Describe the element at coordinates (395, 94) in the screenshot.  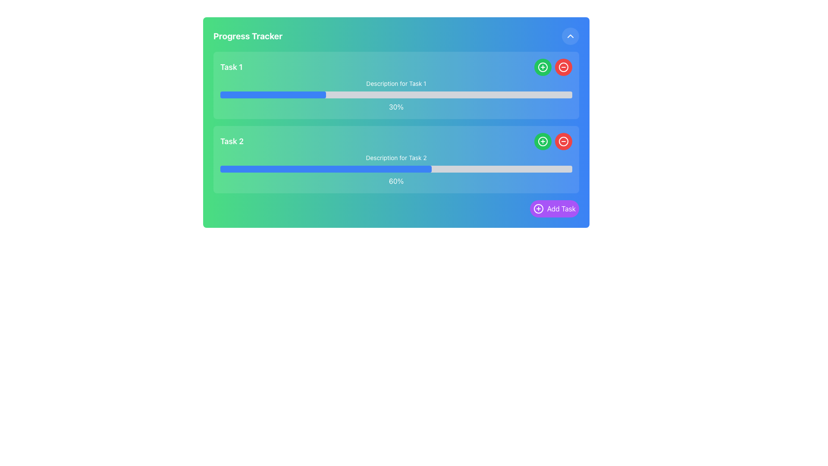
I see `the progress bar within the card labeled 'Task 1', which is visually styled with a light gray background and a blue filled portion indicating 30% completion` at that location.